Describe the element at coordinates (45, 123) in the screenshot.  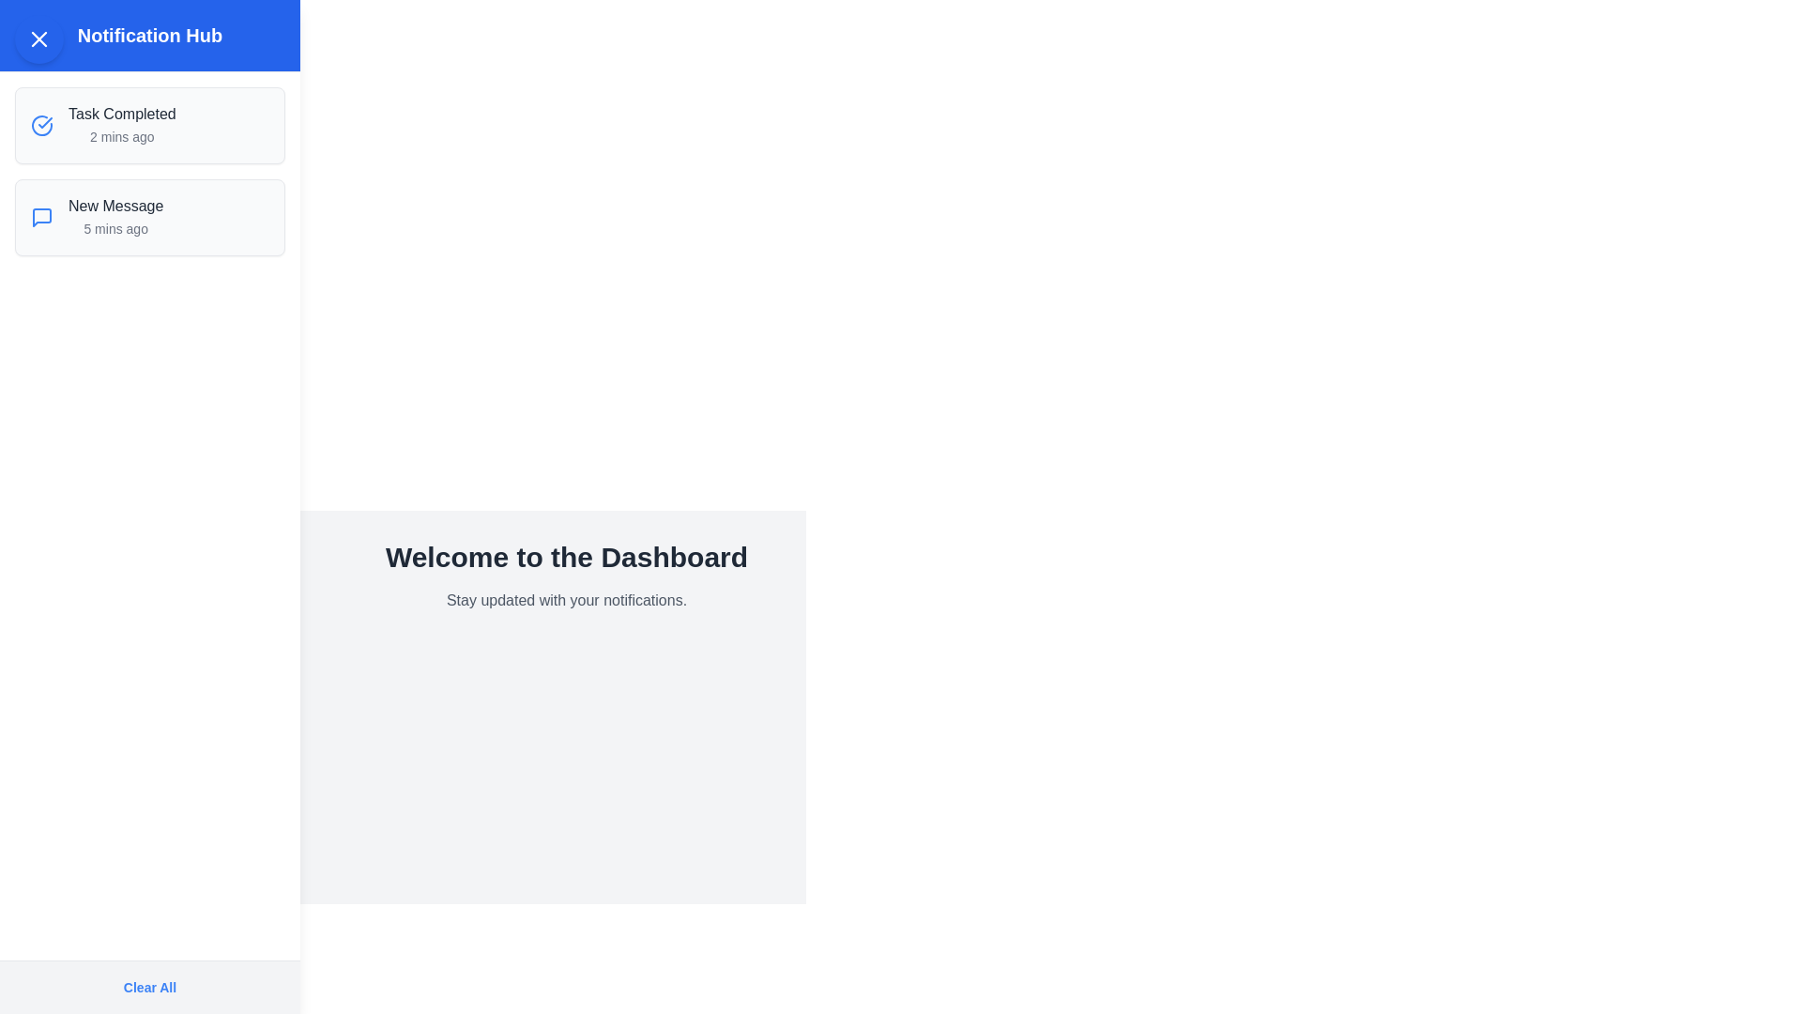
I see `the blue checkmark icon inside the circle, which represents completion, located in the Notification Hub interface under the 'Task Completed' notification` at that location.